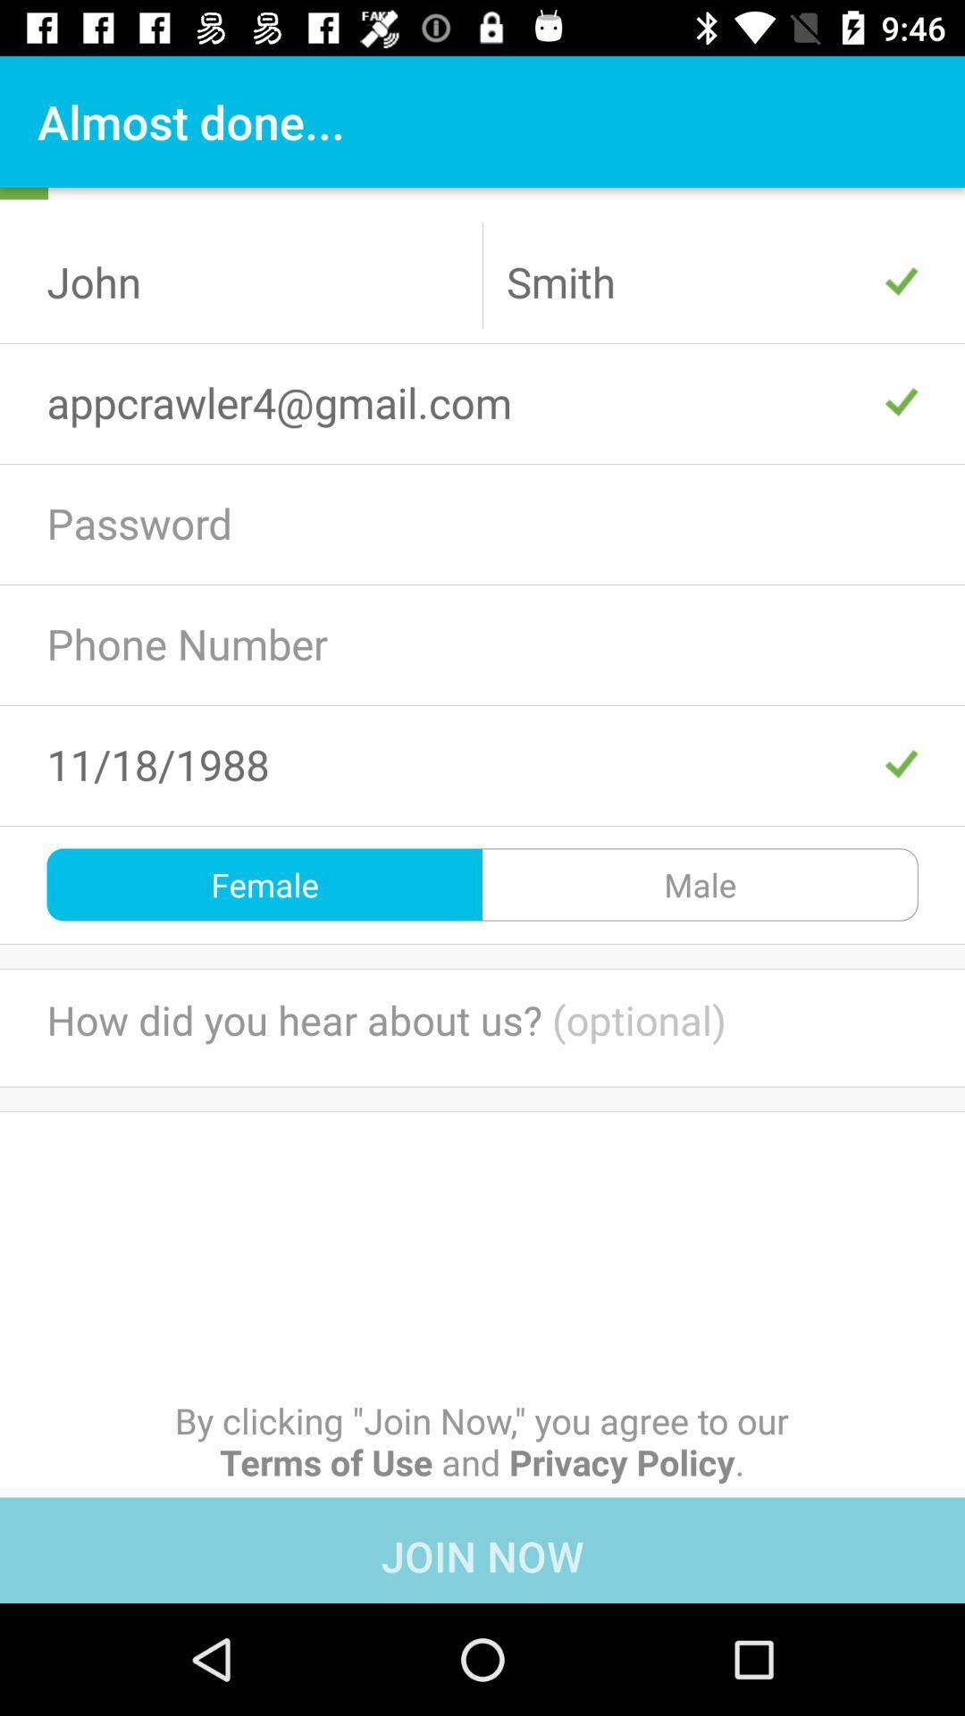  What do you see at coordinates (711, 281) in the screenshot?
I see `the text smith` at bounding box center [711, 281].